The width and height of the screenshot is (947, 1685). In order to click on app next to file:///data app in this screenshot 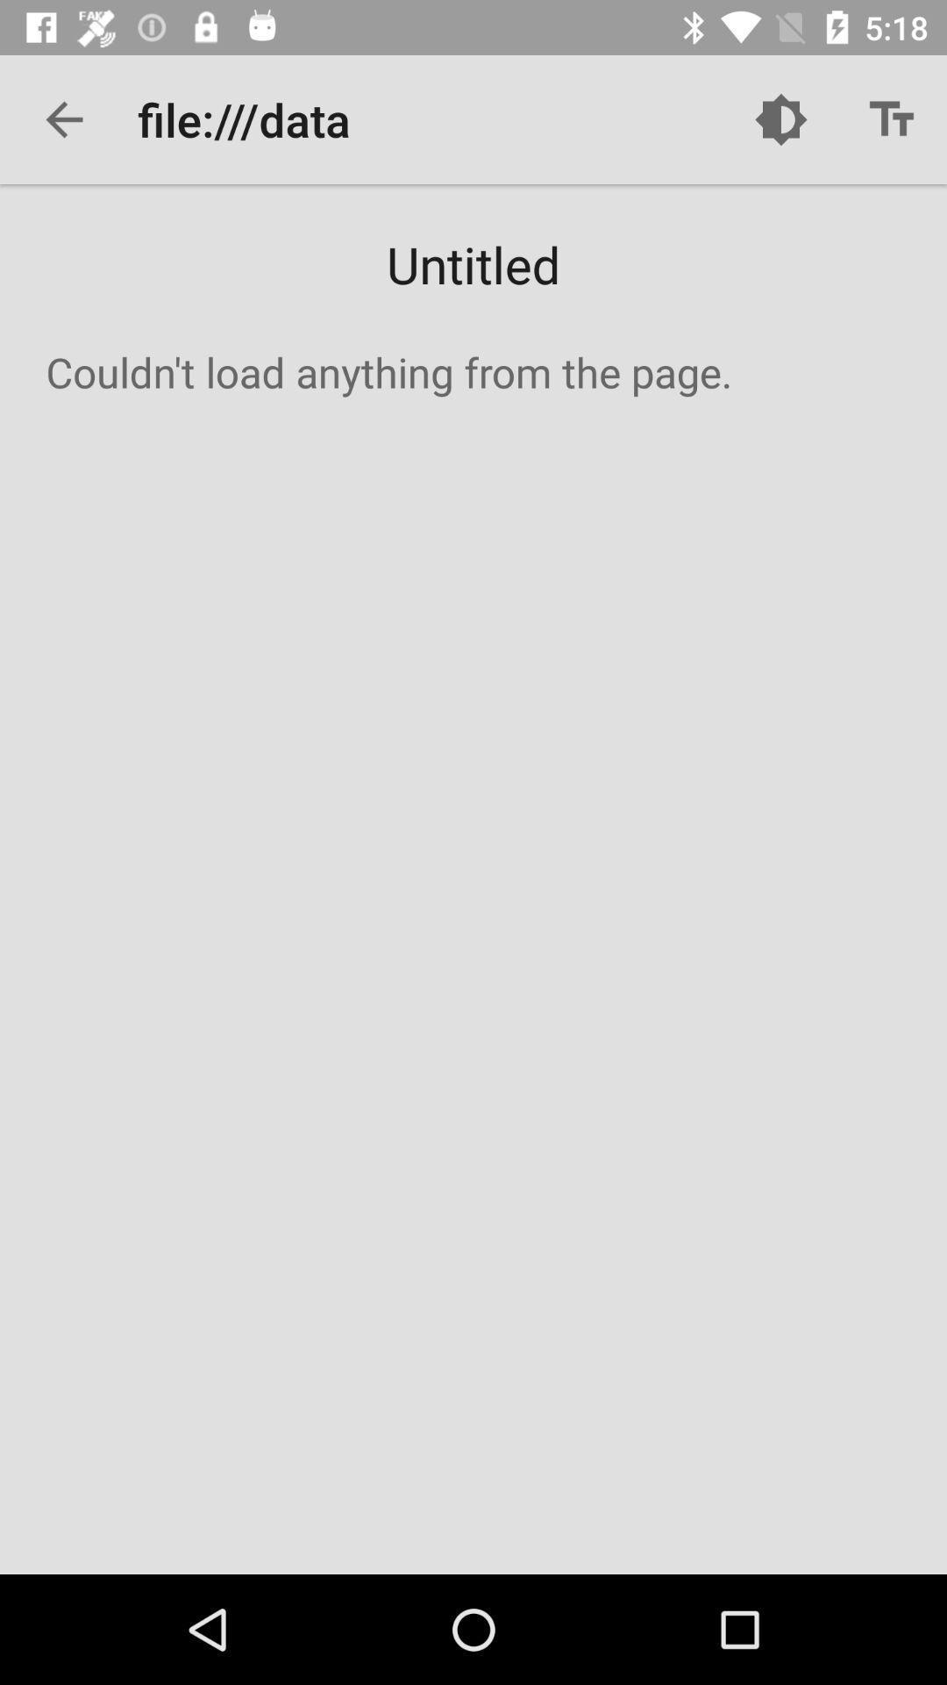, I will do `click(63, 118)`.